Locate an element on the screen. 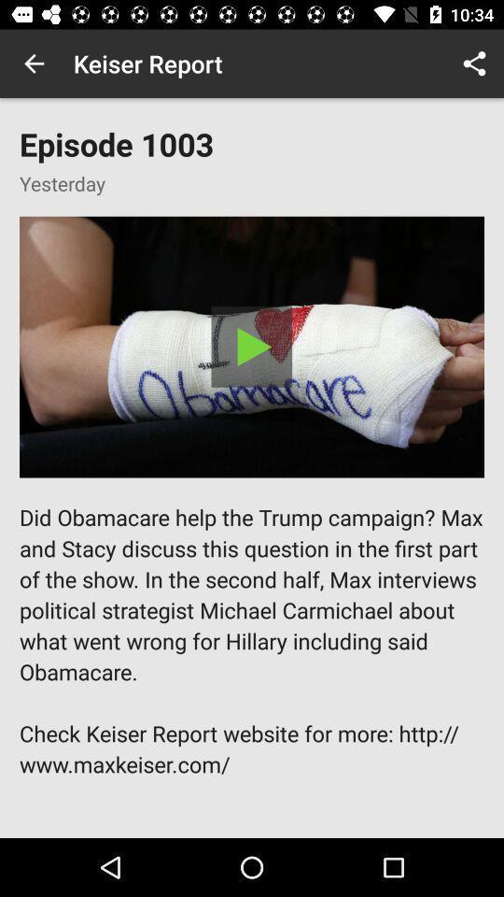  video area is located at coordinates (252, 346).